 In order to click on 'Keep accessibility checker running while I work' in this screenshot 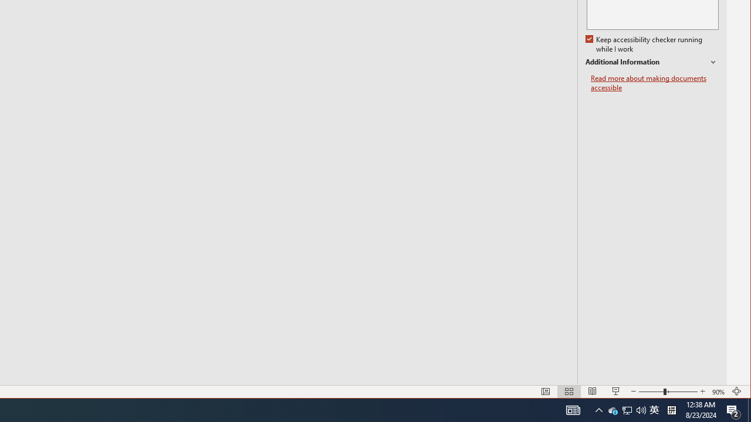, I will do `click(644, 44)`.